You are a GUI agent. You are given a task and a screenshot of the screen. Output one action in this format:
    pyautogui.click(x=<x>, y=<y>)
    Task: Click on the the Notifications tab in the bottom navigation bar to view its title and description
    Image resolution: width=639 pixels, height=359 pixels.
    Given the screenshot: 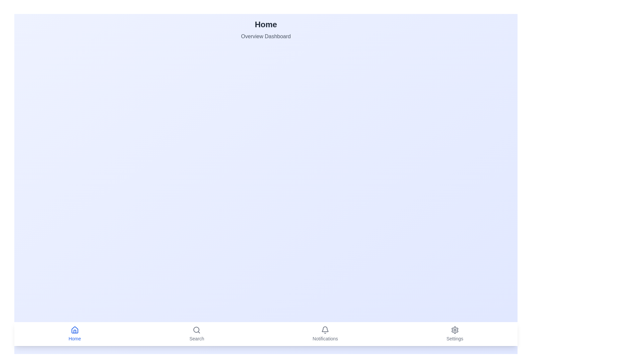 What is the action you would take?
    pyautogui.click(x=325, y=334)
    